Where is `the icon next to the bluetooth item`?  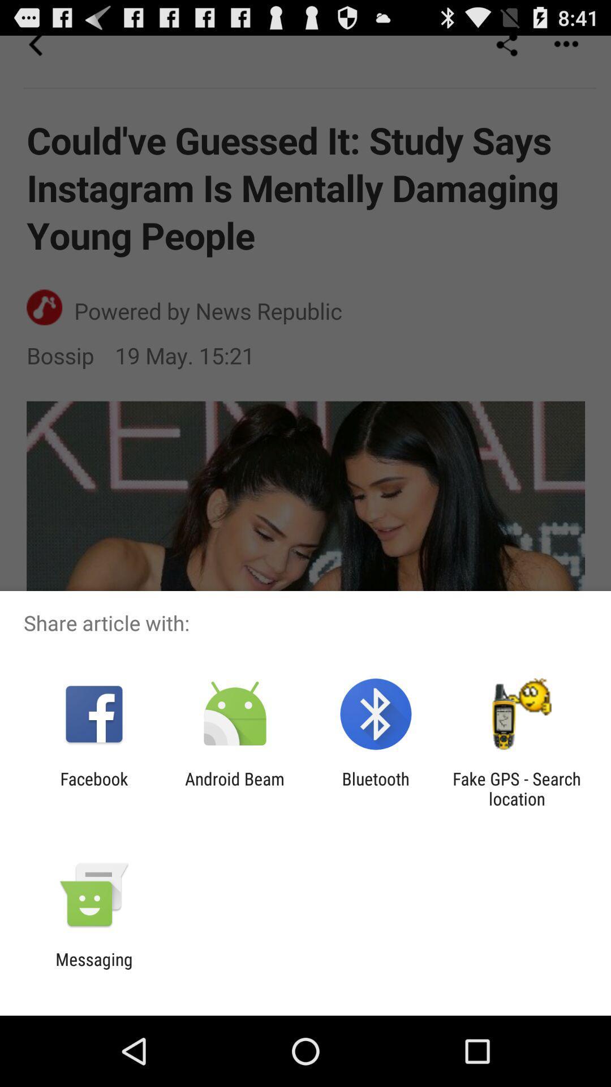
the icon next to the bluetooth item is located at coordinates (517, 788).